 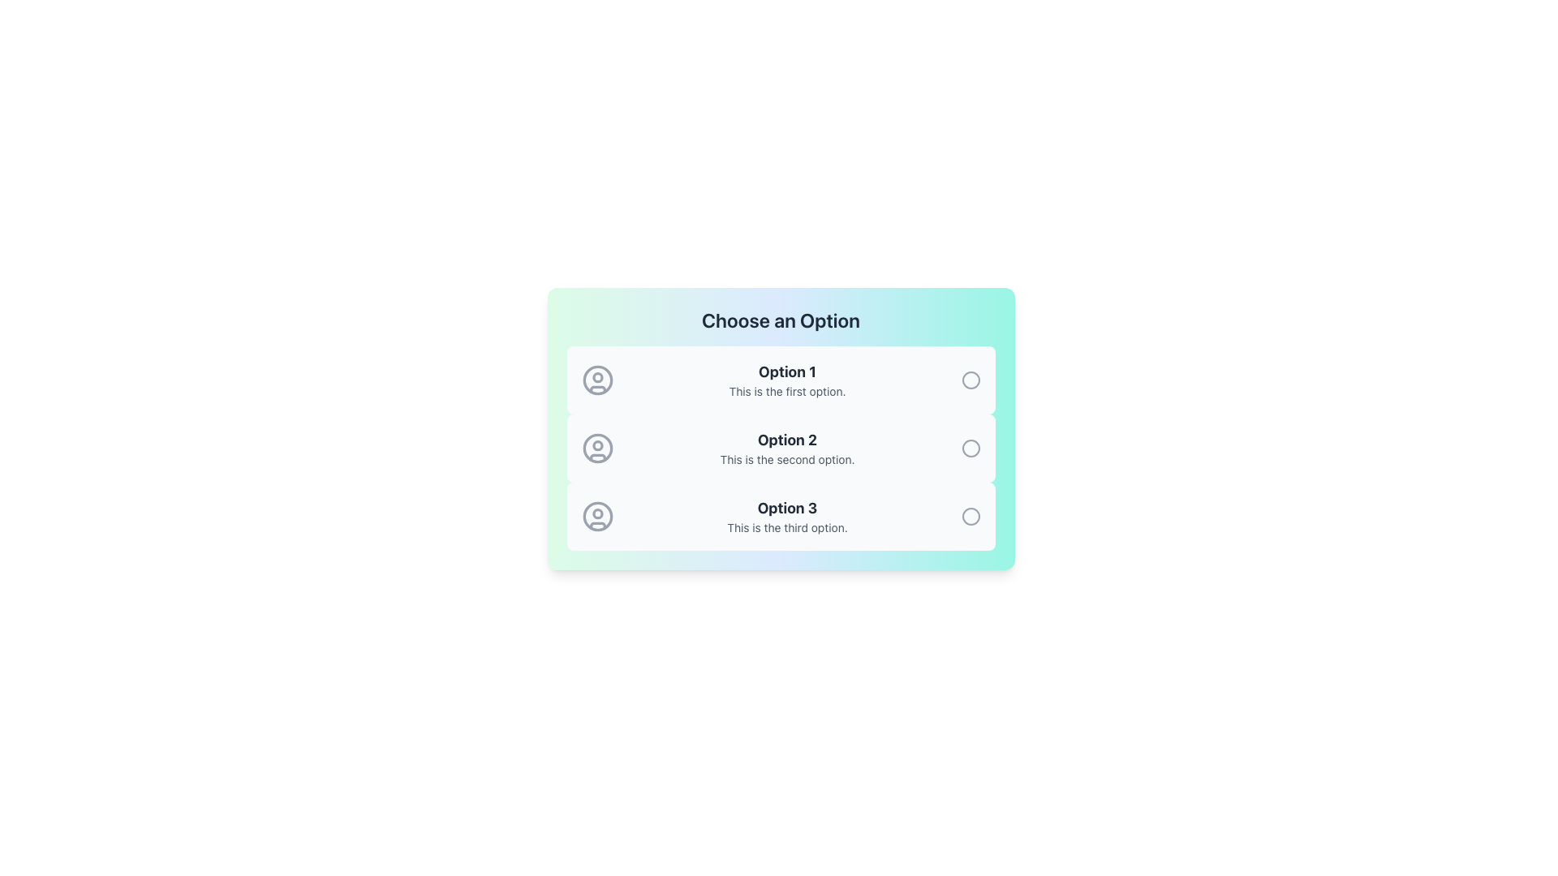 What do you see at coordinates (971, 380) in the screenshot?
I see `the topmost radio button in the vertical selection layout on the right` at bounding box center [971, 380].